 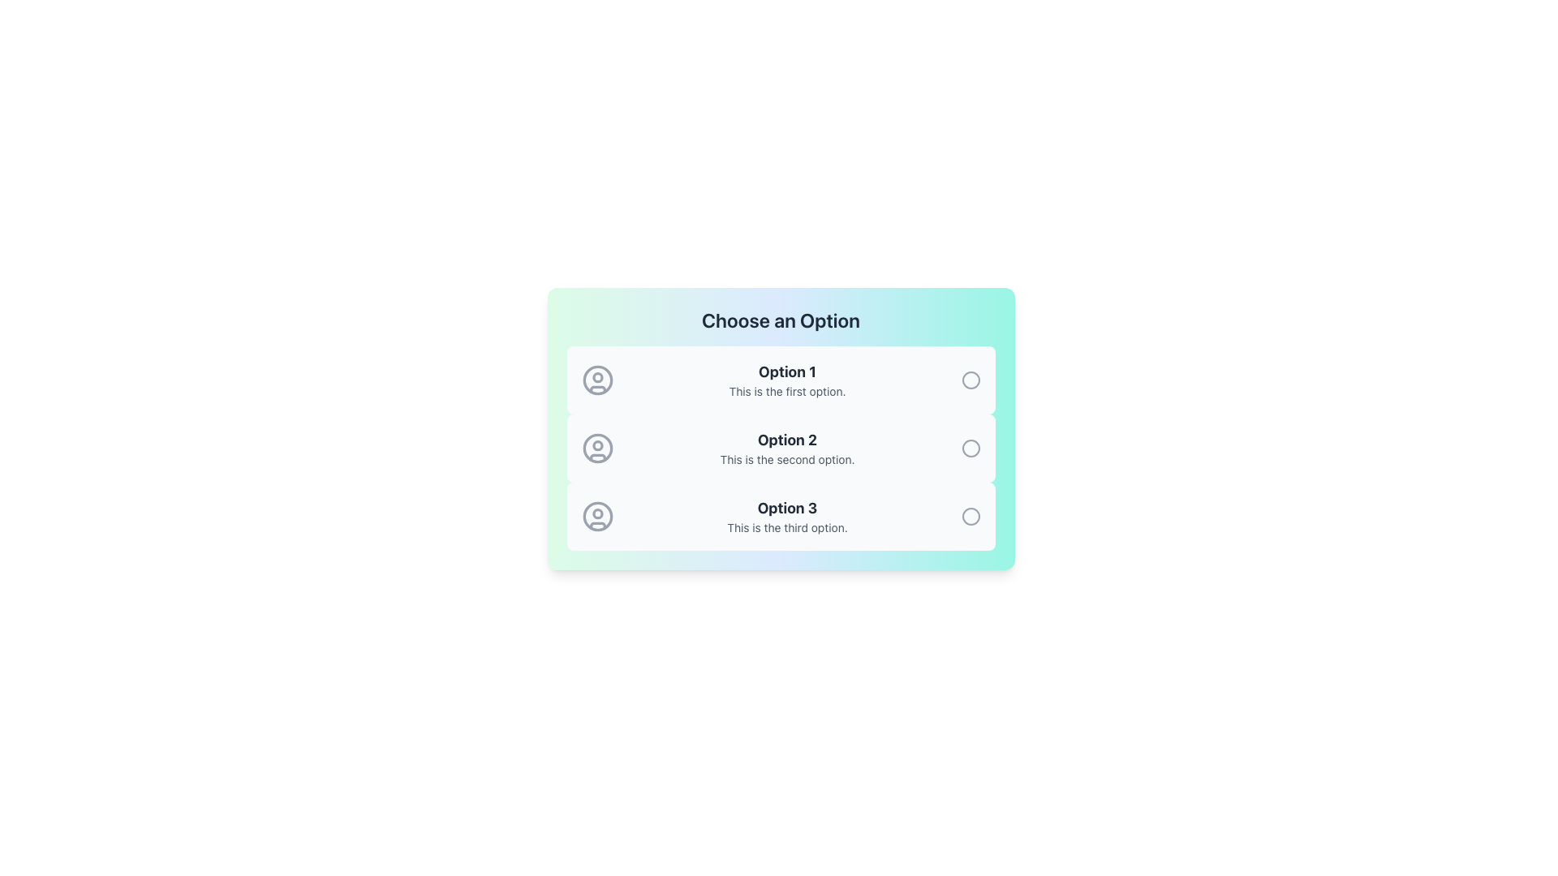 What do you see at coordinates (971, 380) in the screenshot?
I see `the topmost radio button in the vertical selection layout on the right` at bounding box center [971, 380].